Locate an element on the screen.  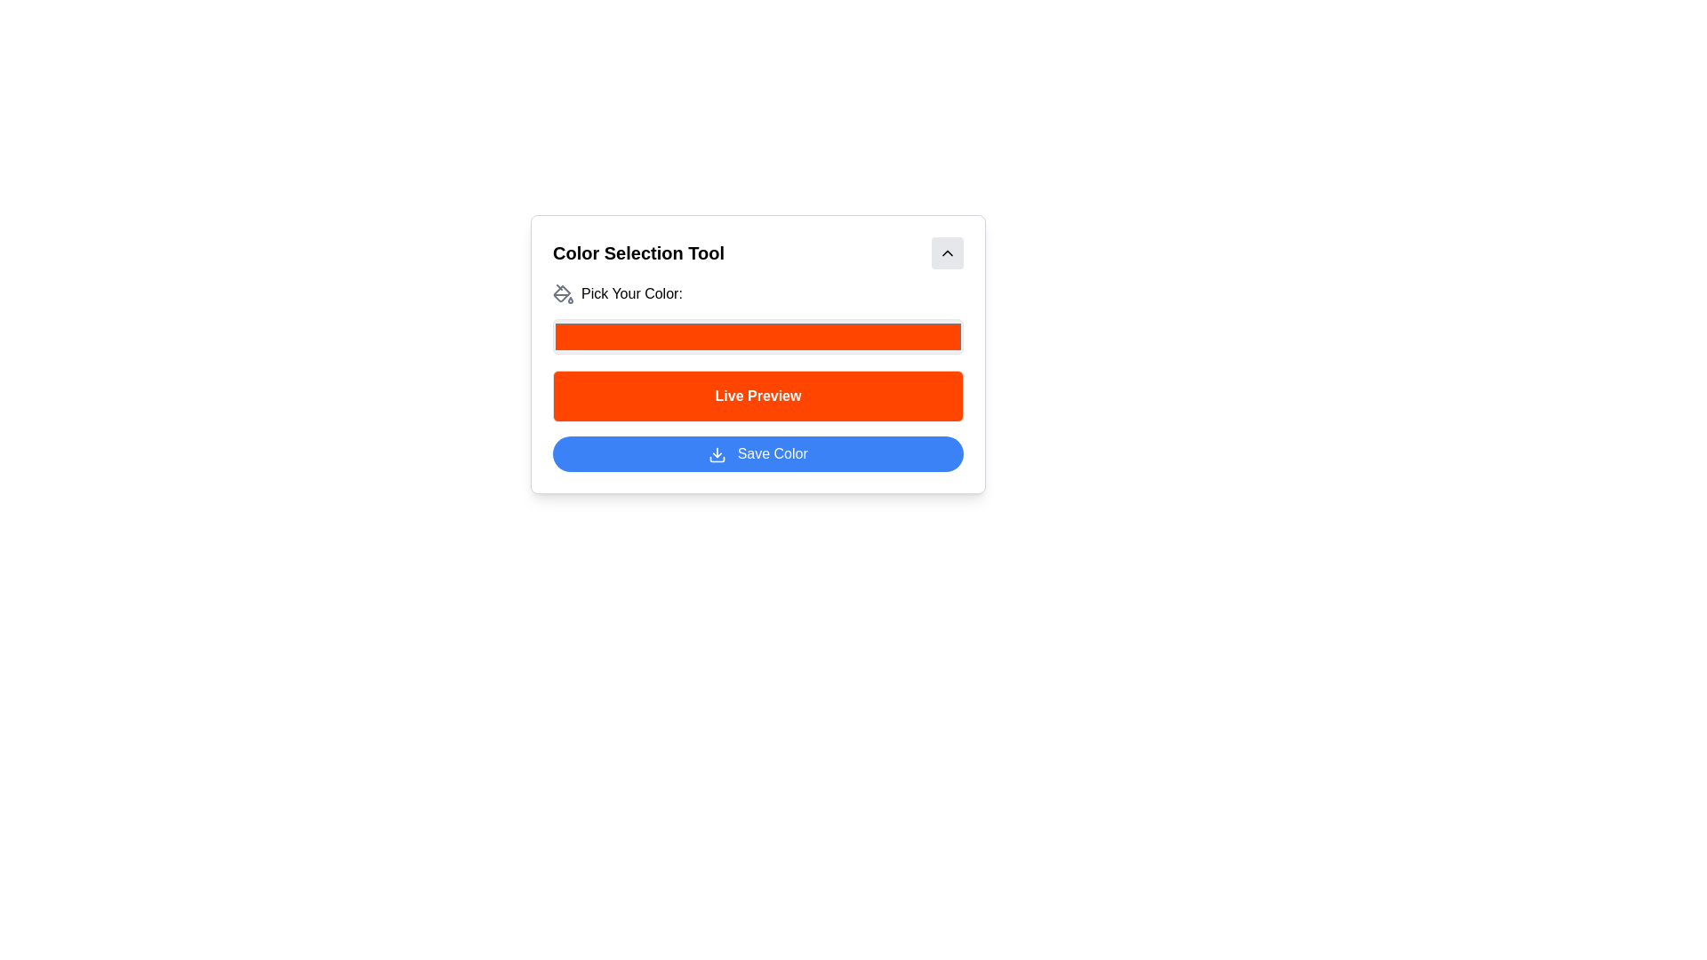
the color input field located under the 'Pick Your Color:' label to change the selected color is located at coordinates (758, 354).